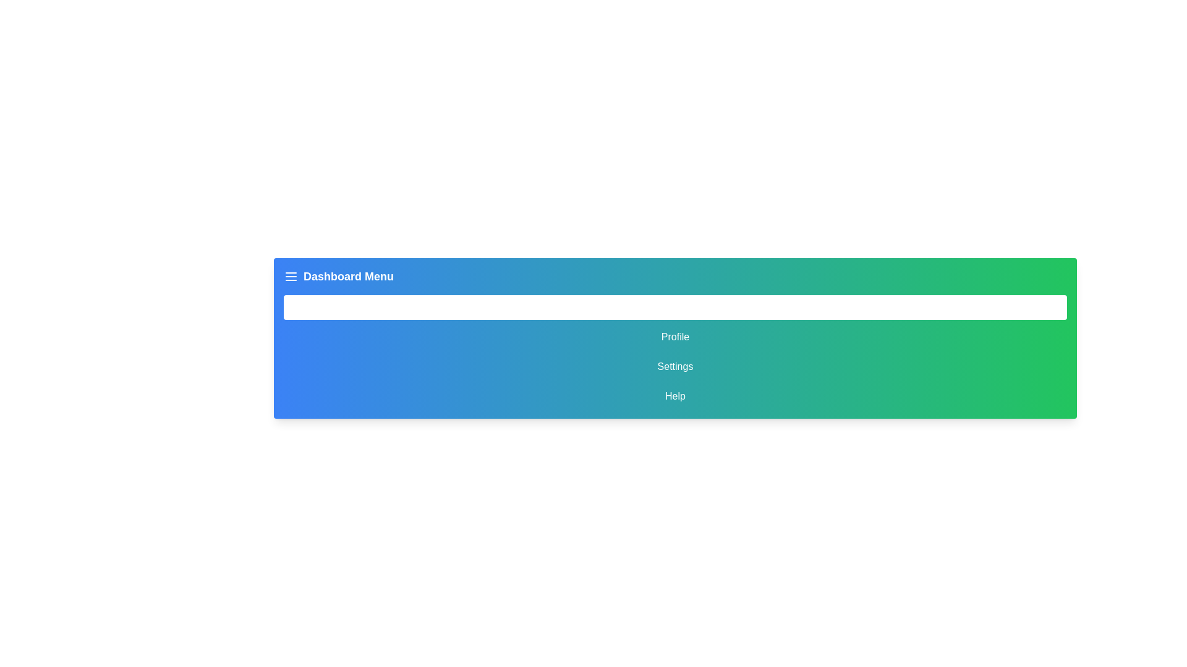 The height and width of the screenshot is (667, 1187). I want to click on the 'Help' text button, which is the last item in the vertical menu, so click(674, 396).